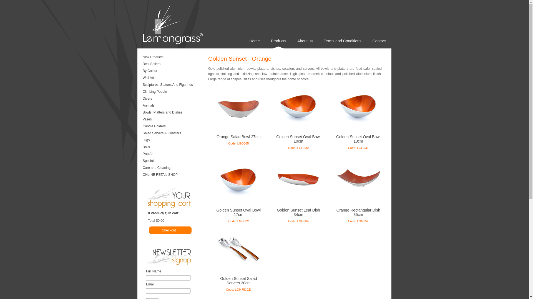  I want to click on 'Checkout', so click(177, 230).